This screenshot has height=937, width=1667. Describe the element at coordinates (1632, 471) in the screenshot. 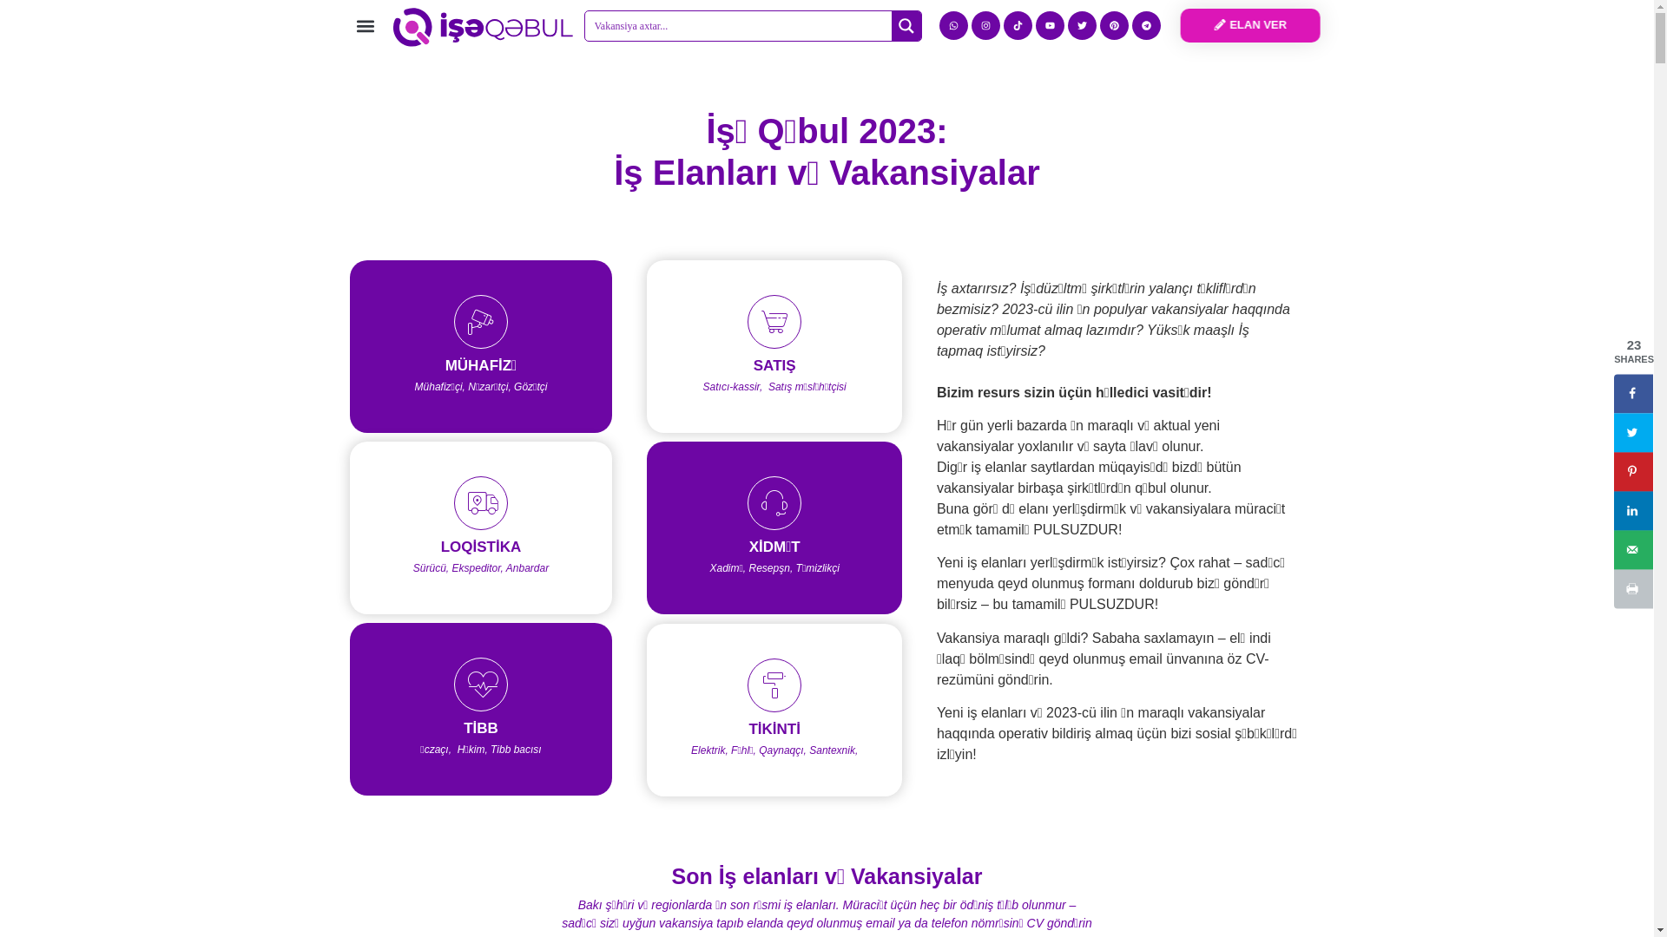

I see `'Save to Pinterest'` at that location.